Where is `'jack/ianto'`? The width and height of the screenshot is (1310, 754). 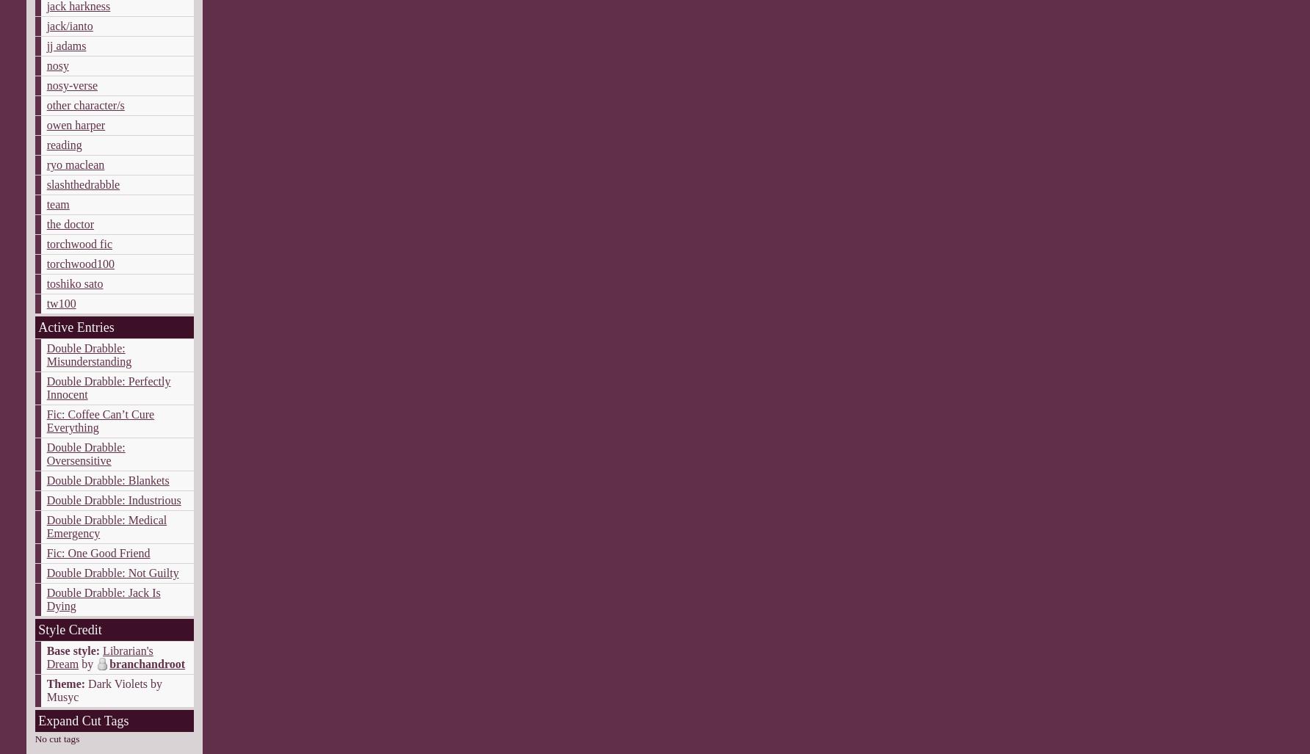
'jack/ianto' is located at coordinates (69, 26).